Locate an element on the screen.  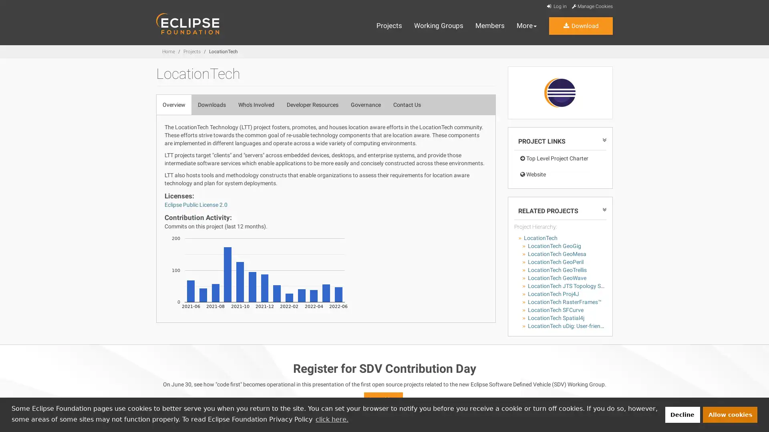
deny cookies is located at coordinates (682, 414).